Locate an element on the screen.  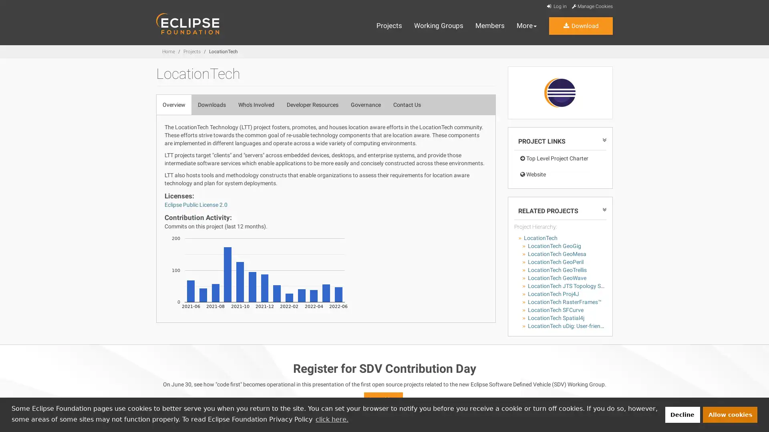
deny cookies is located at coordinates (682, 414).